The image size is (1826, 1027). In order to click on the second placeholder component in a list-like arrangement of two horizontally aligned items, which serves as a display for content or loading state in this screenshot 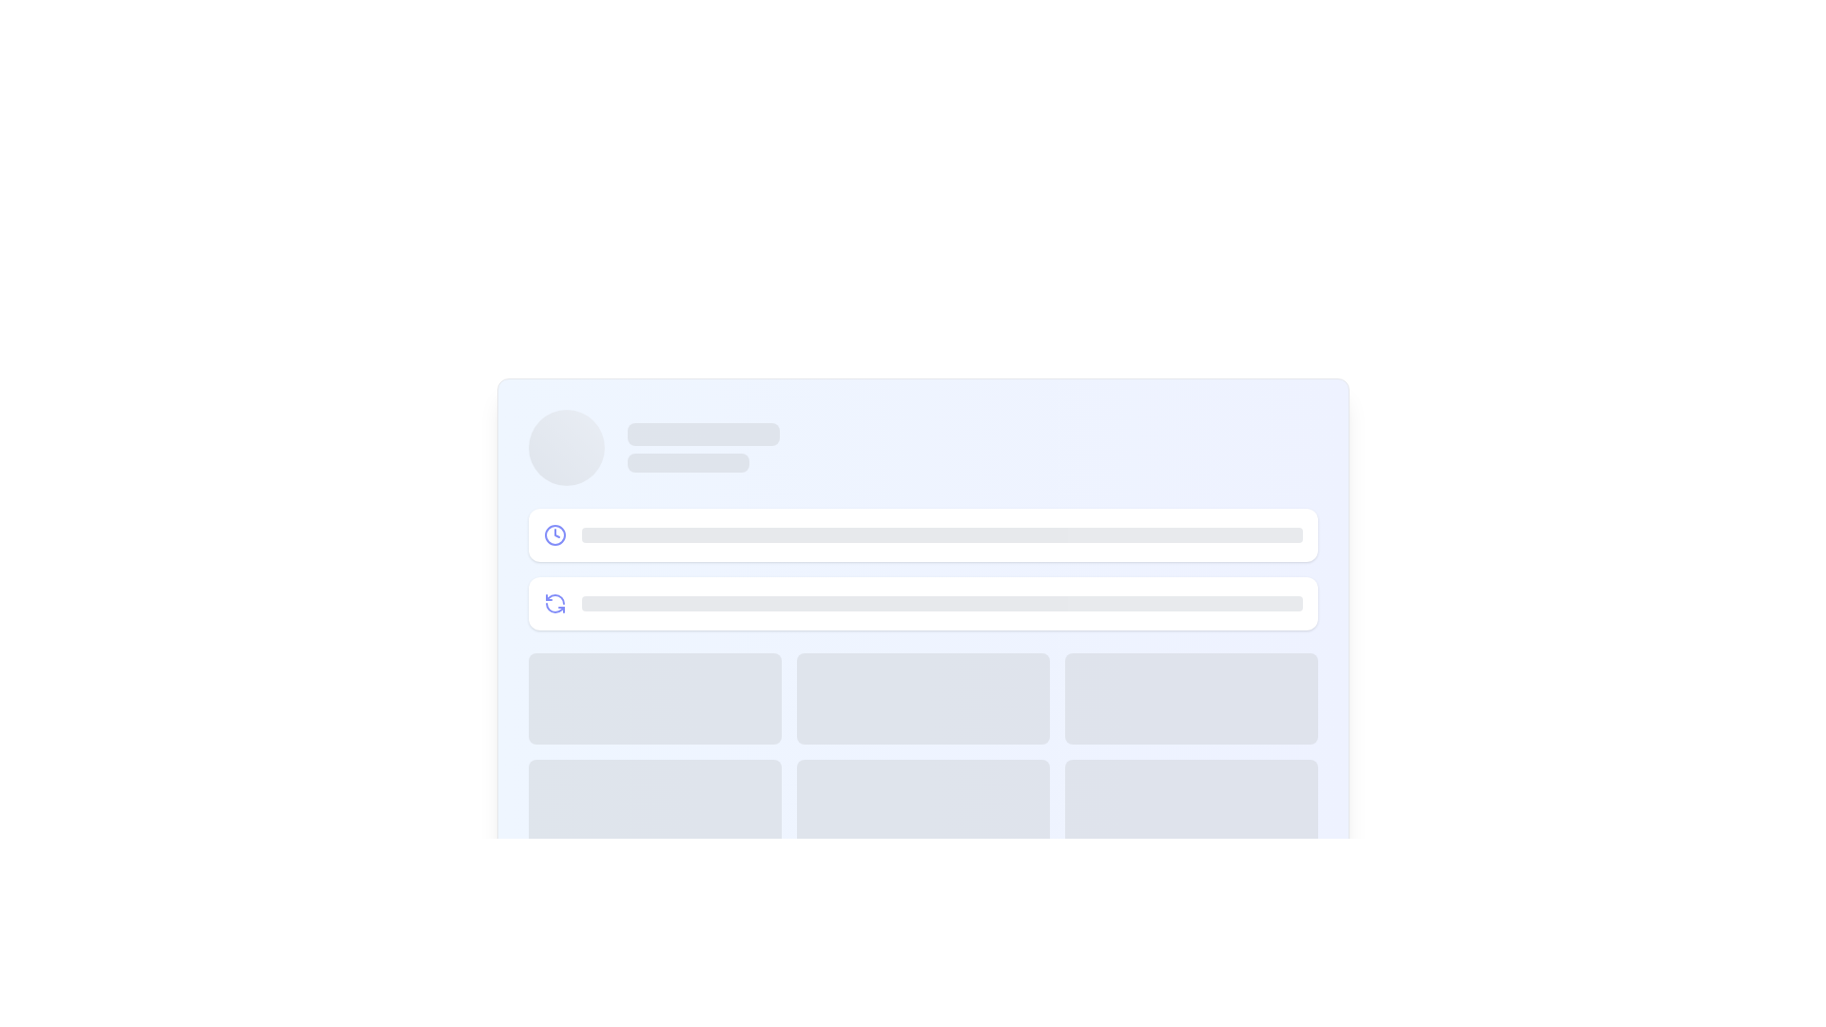, I will do `click(923, 604)`.